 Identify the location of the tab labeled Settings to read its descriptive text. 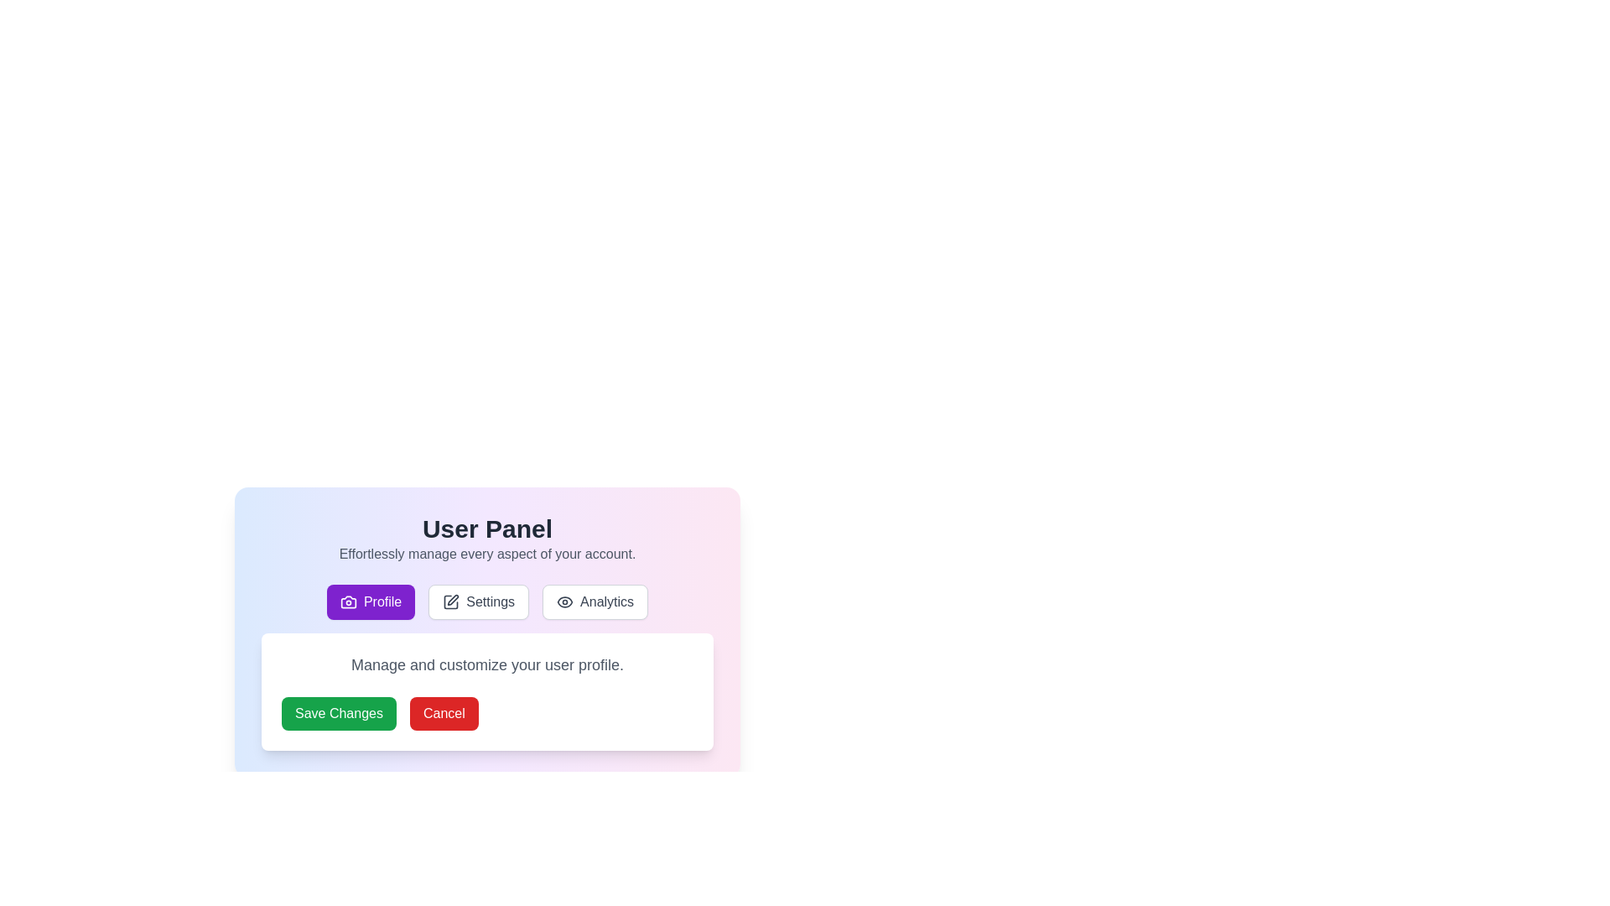
(478, 601).